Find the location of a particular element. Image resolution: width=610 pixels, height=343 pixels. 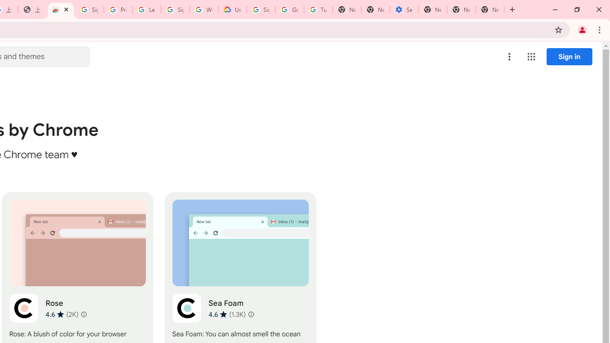

'Chrome Web Store - Color themes by Chrome' is located at coordinates (61, 10).